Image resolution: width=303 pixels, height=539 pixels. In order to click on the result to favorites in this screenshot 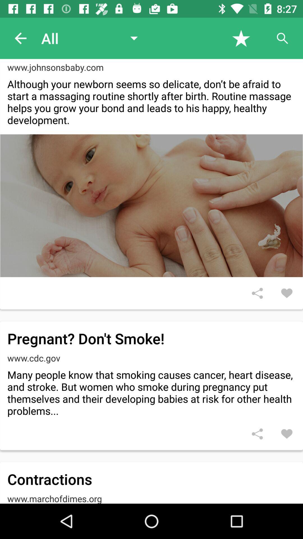, I will do `click(287, 433)`.